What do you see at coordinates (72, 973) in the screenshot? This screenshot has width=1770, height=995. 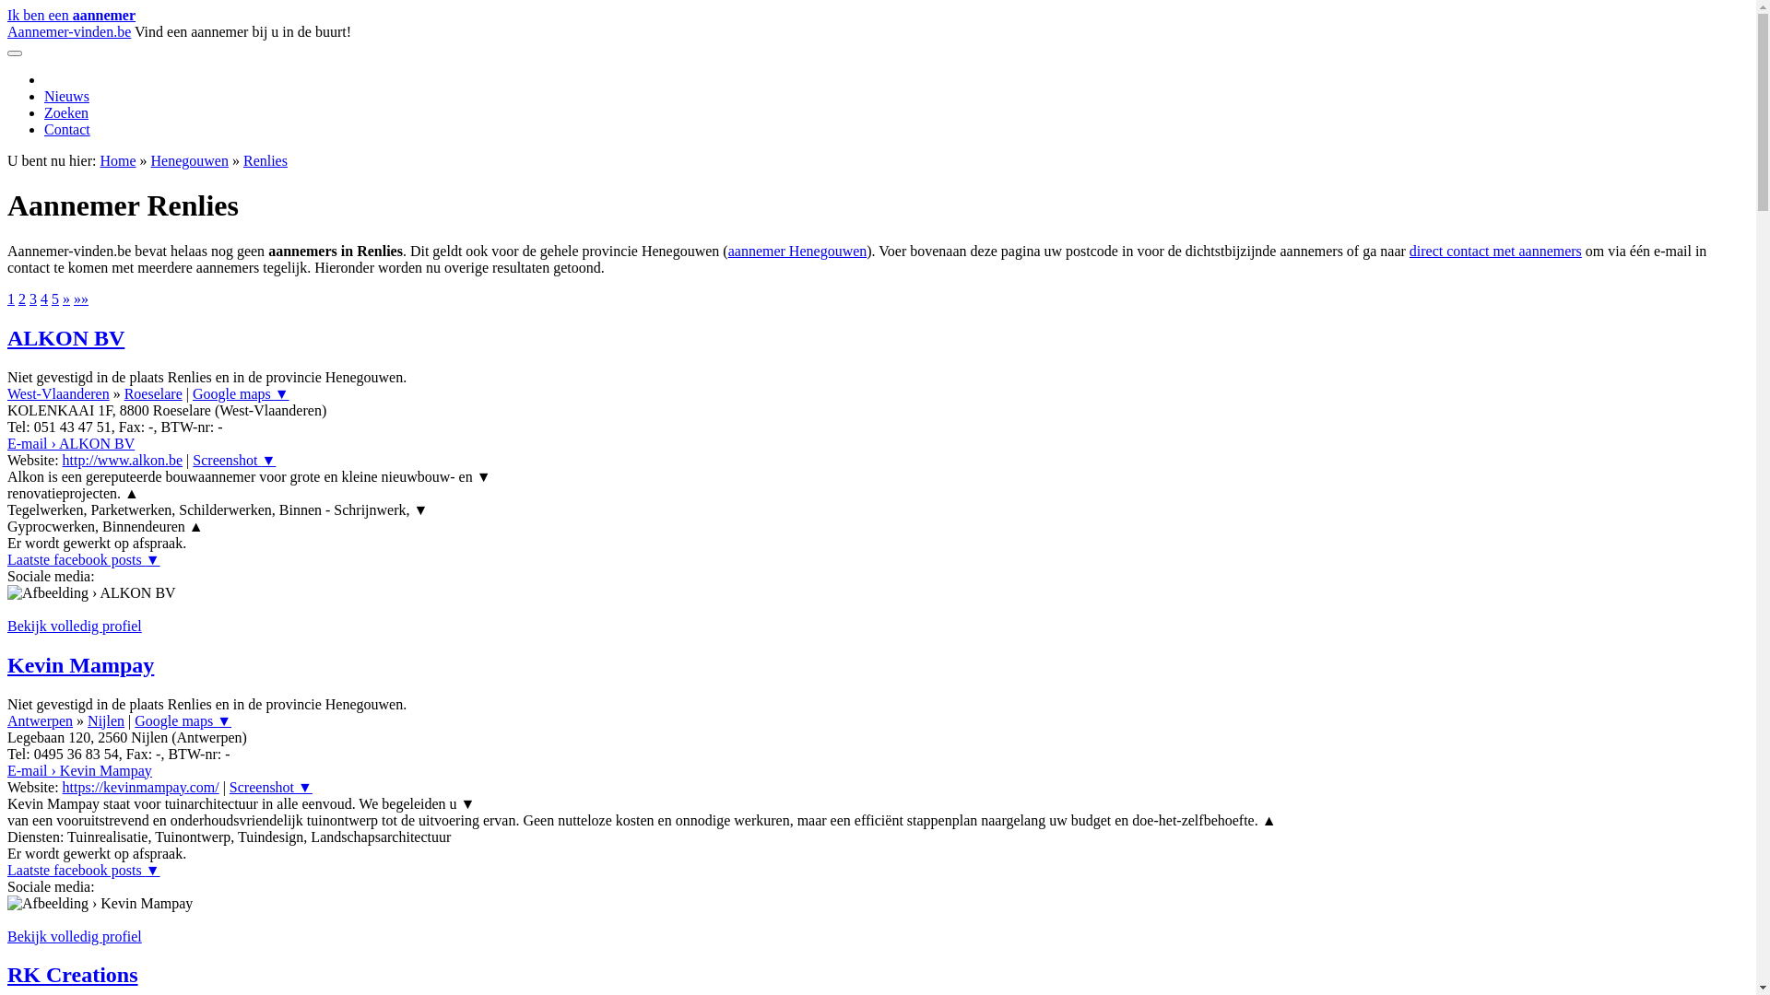 I see `'RK Creations'` at bounding box center [72, 973].